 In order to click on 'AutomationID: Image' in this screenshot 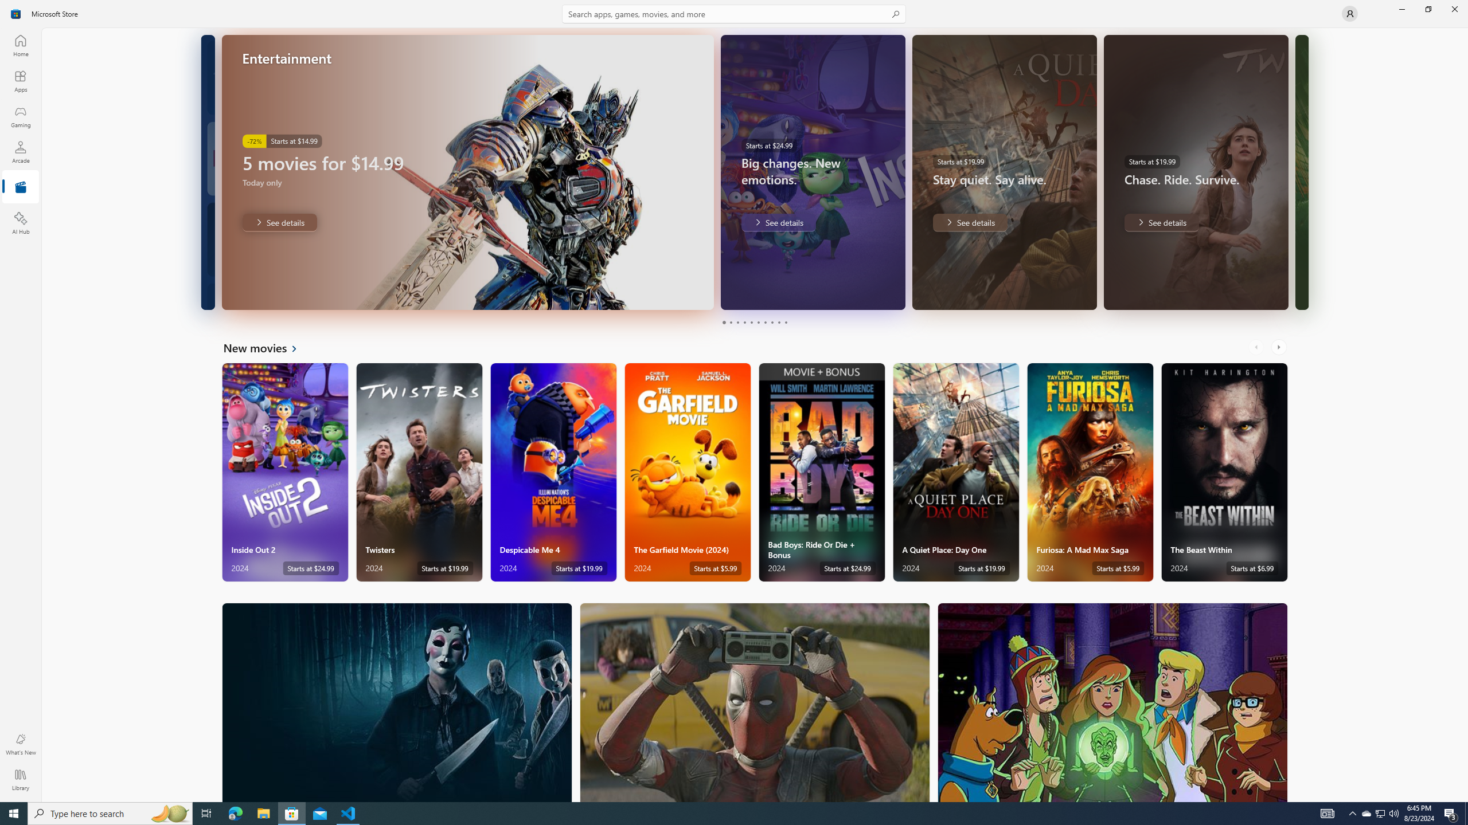, I will do `click(1301, 171)`.